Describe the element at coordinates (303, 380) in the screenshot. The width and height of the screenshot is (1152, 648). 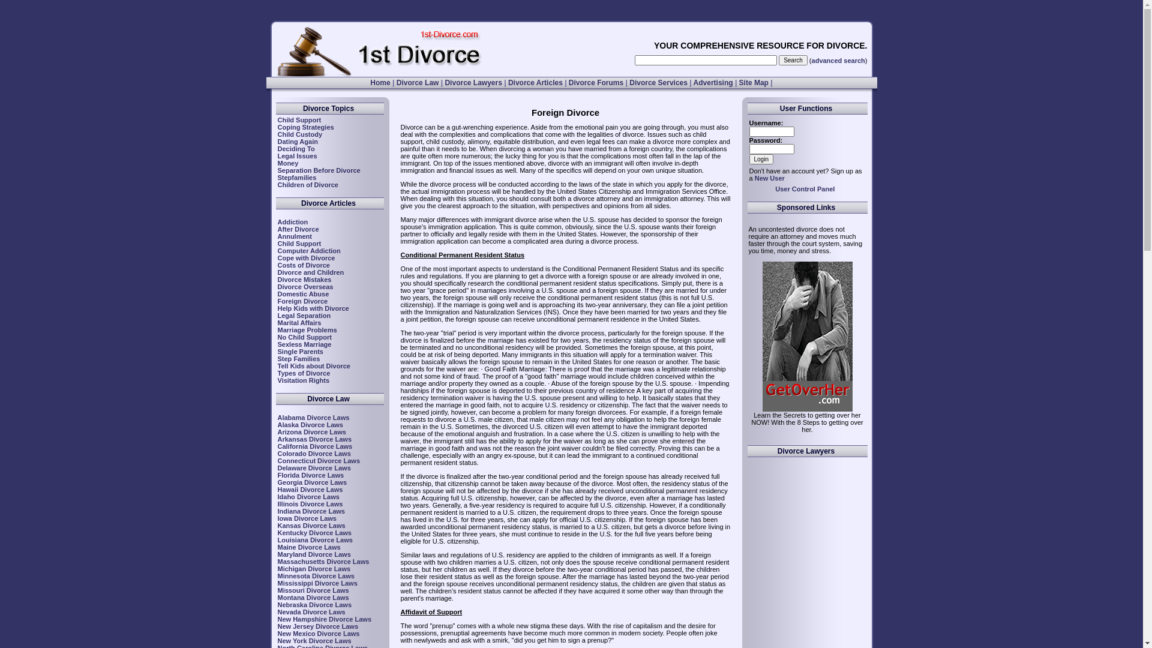
I see `'Visitation Rights'` at that location.